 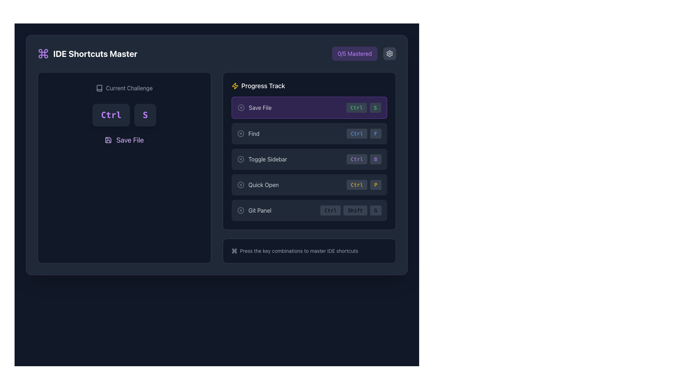 I want to click on the label containing the text 'F', which has a gray background and blue text, and is positioned to the right of the 'Ctrl' box in the UI section displaying key combinations, so click(x=375, y=133).